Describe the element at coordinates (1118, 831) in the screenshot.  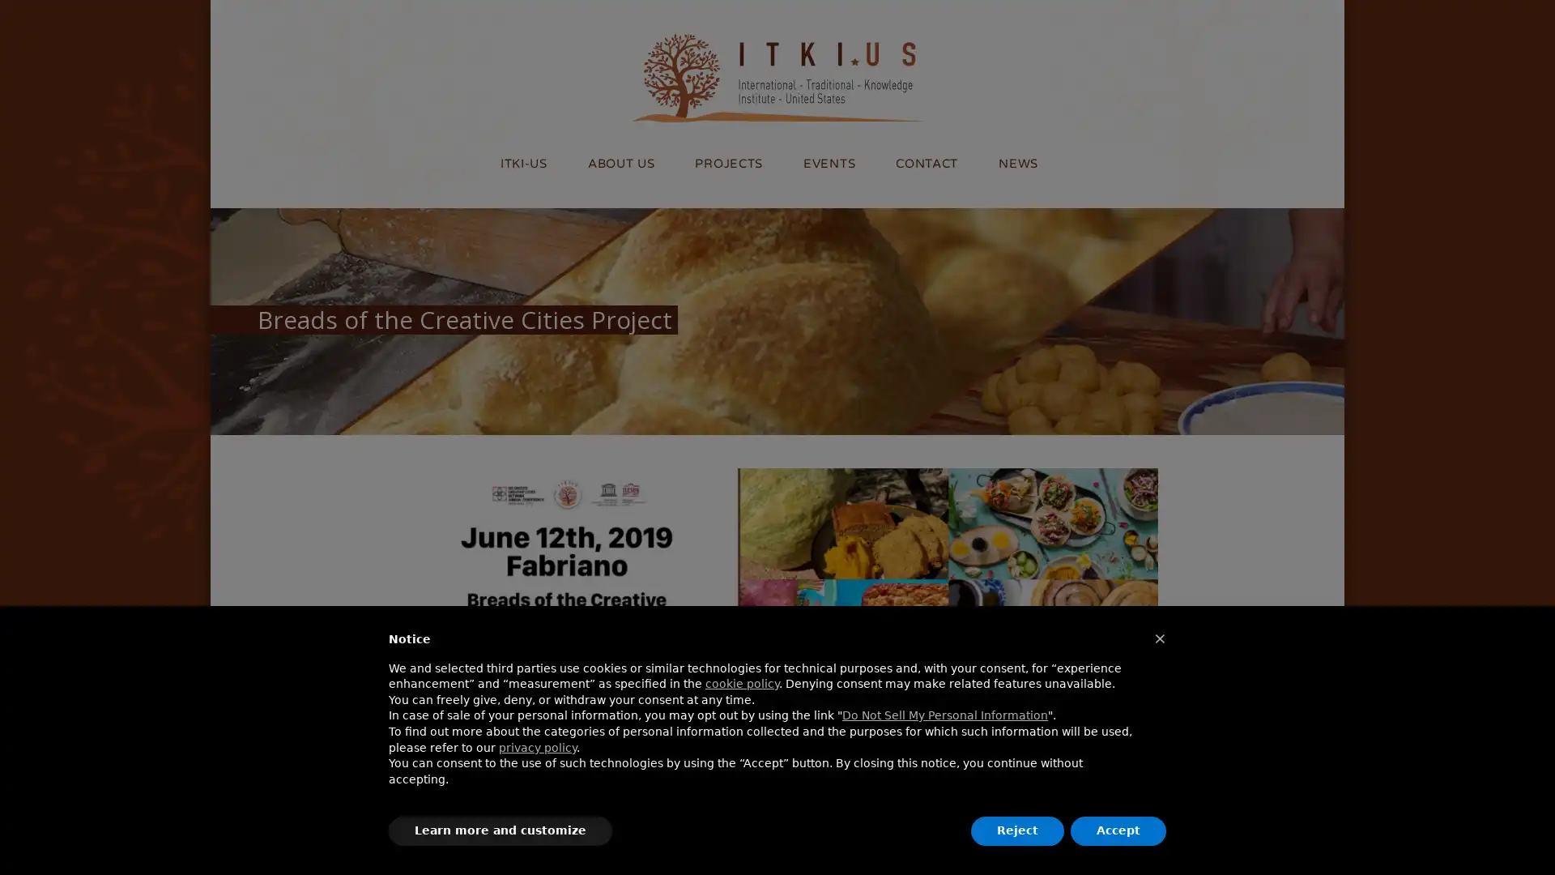
I see `Accept` at that location.